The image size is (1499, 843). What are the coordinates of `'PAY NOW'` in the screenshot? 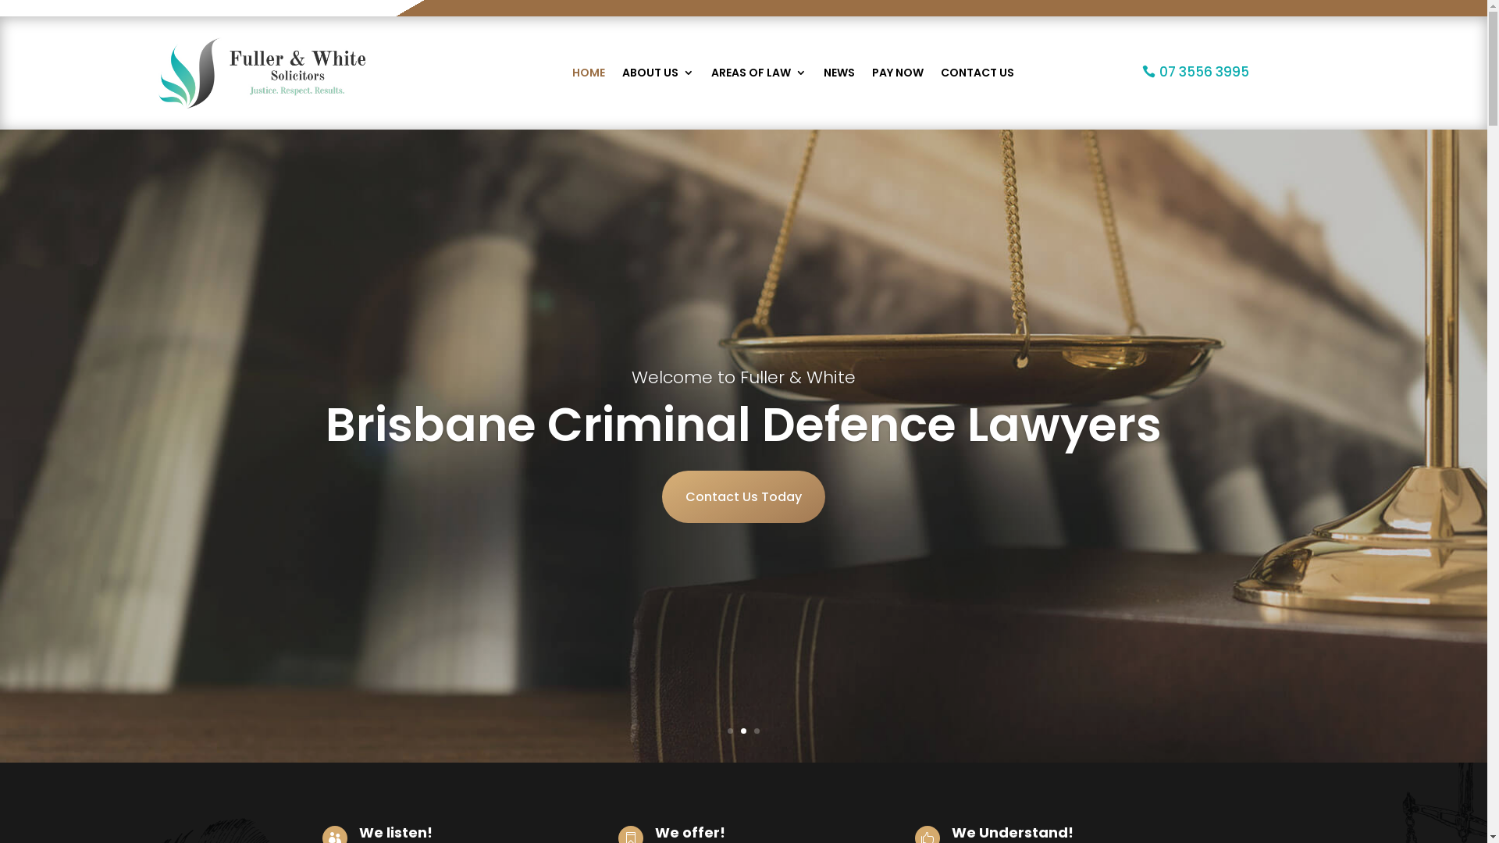 It's located at (896, 73).